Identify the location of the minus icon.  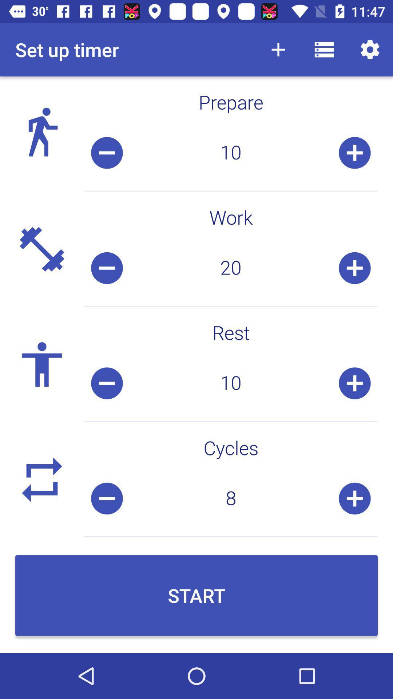
(107, 498).